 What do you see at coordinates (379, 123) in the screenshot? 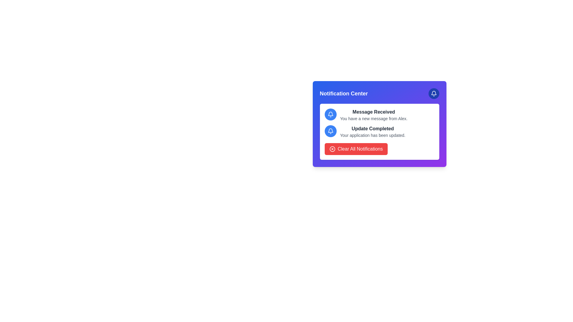
I see `the individual notification entry in the notification list, which is located in the center-right region of the interface, above the 'Clear All Notifications' button` at bounding box center [379, 123].